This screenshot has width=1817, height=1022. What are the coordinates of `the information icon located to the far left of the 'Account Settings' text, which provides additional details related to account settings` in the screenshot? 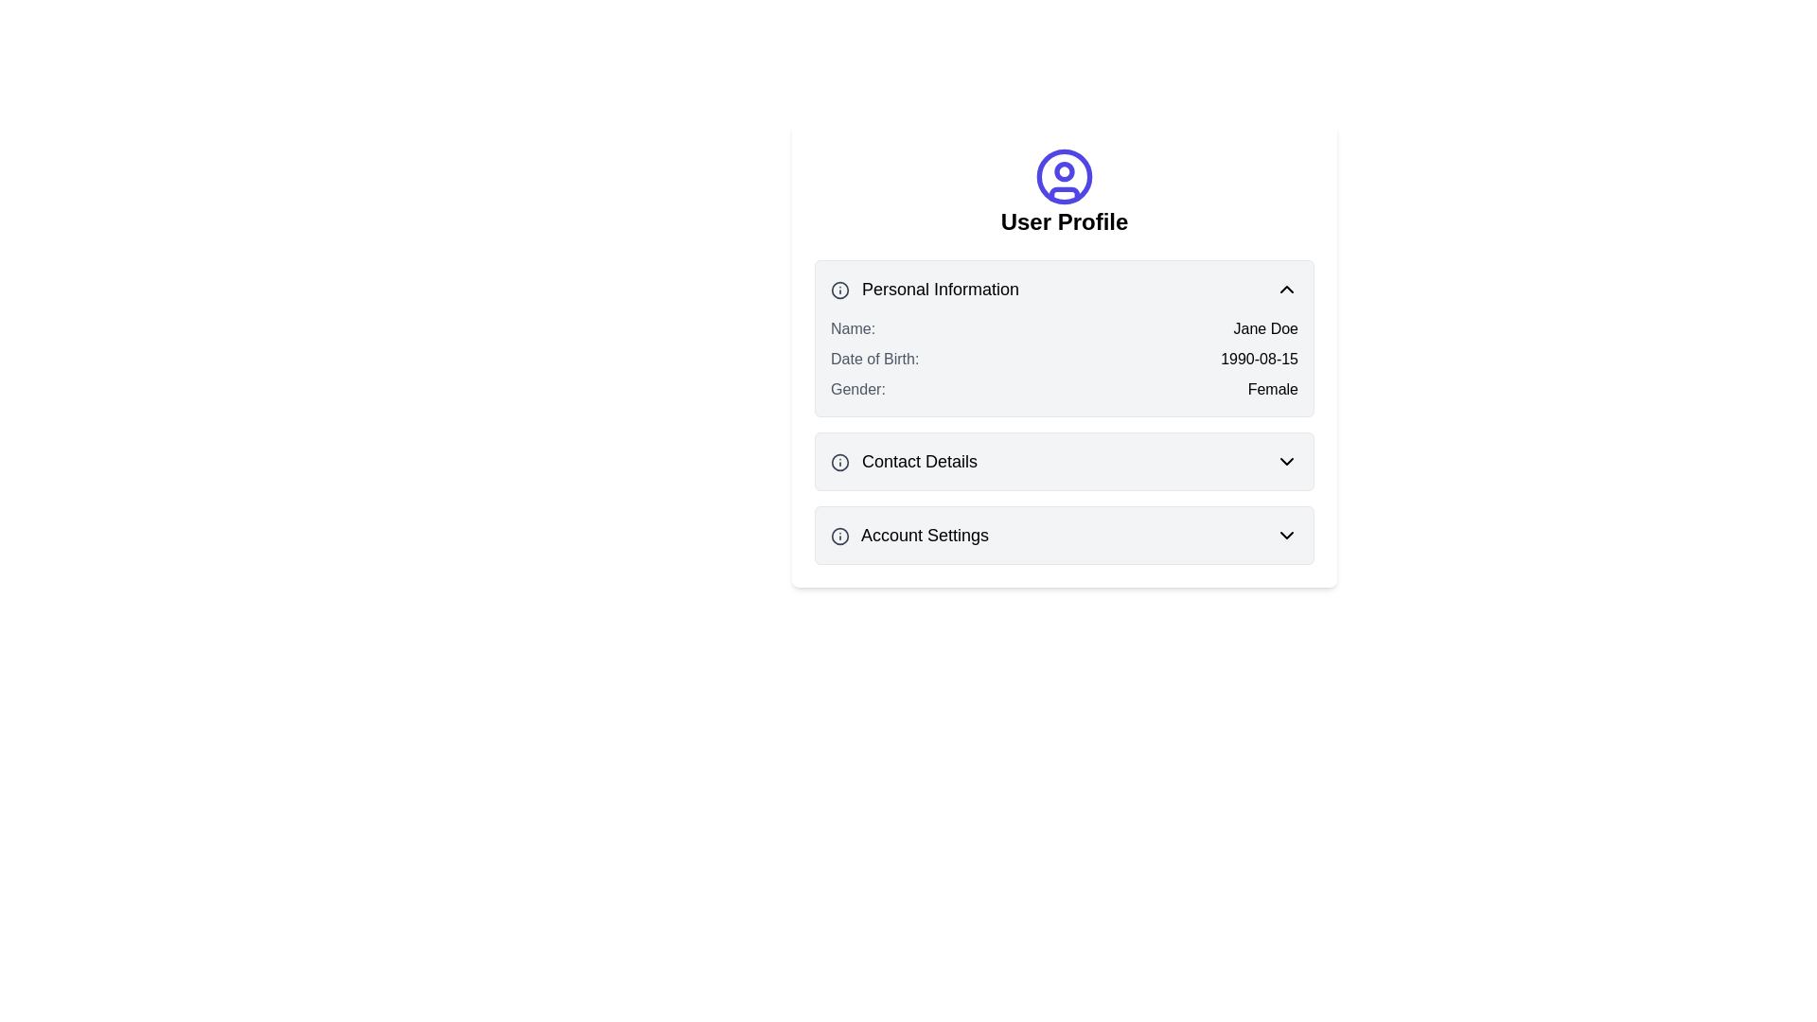 It's located at (839, 537).